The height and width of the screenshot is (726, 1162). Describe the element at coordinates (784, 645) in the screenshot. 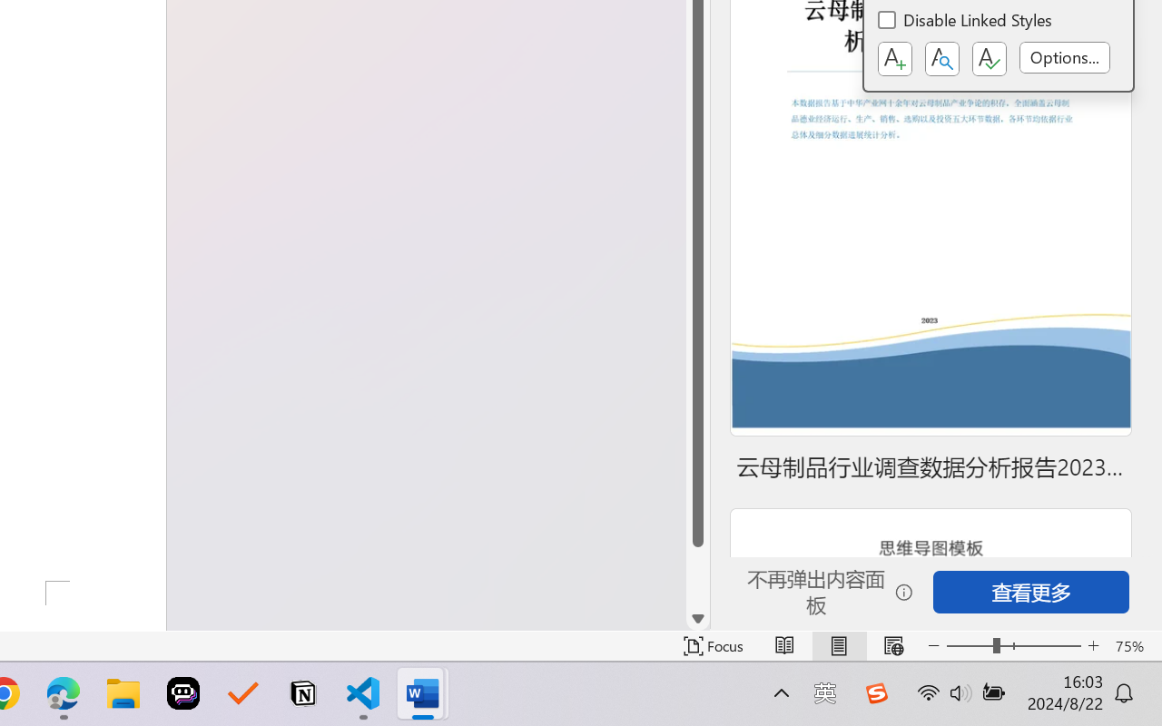

I see `'Read Mode'` at that location.